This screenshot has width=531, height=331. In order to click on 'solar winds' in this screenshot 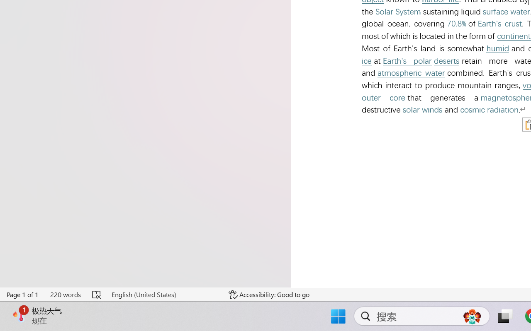, I will do `click(422, 109)`.